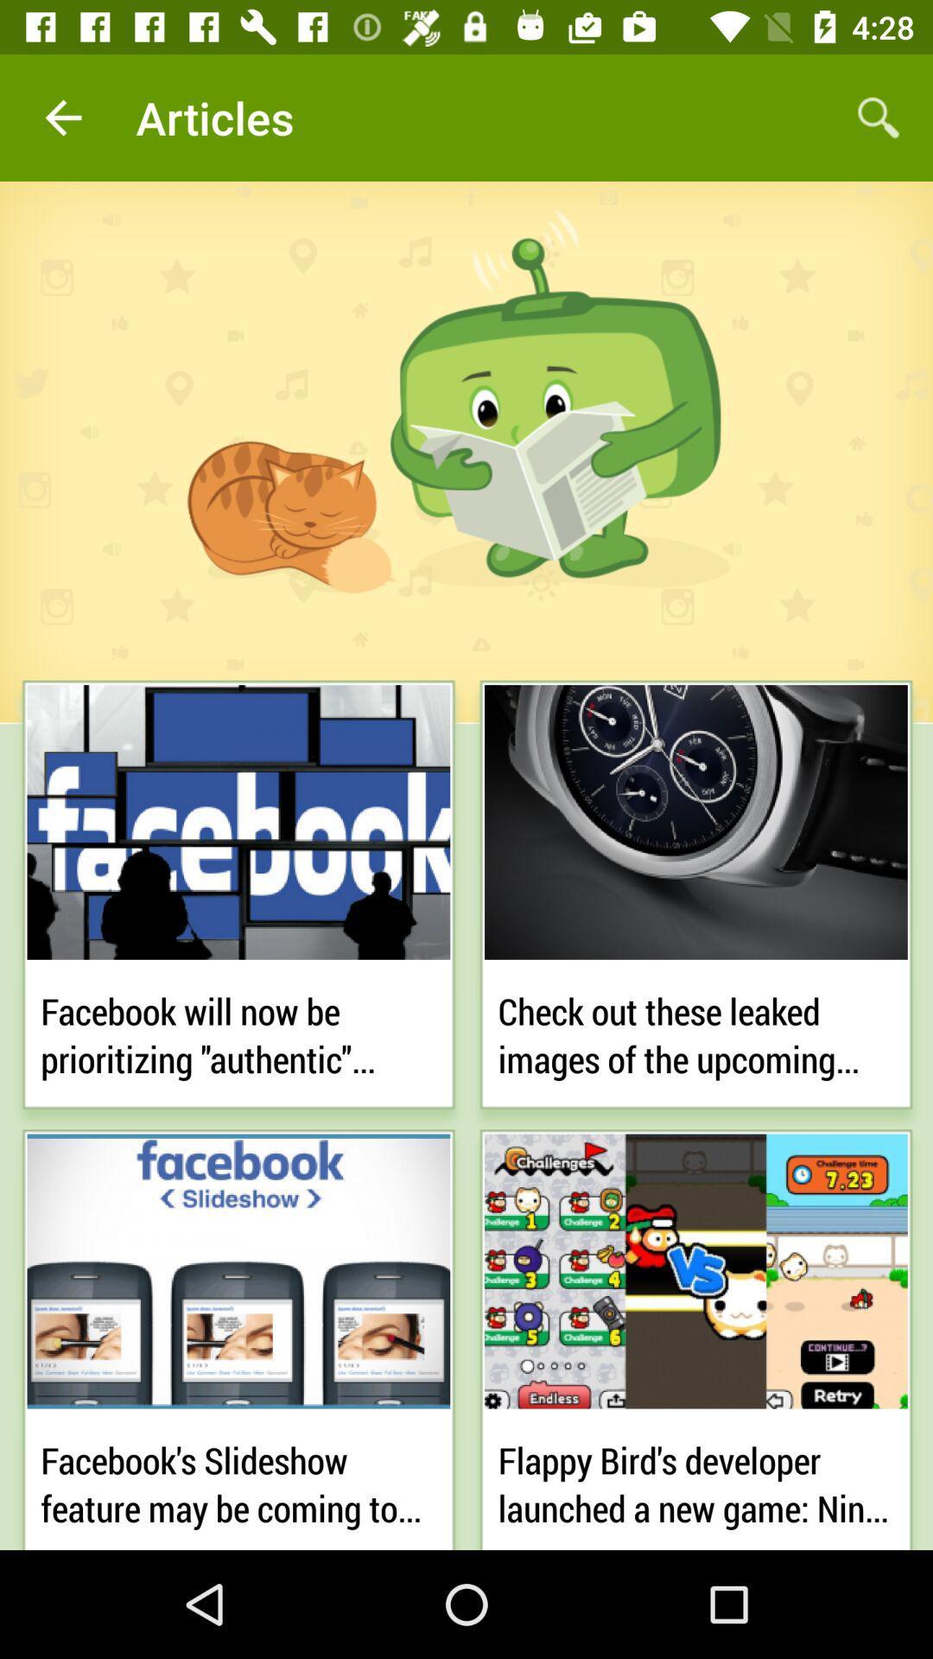 This screenshot has width=933, height=1659. I want to click on flappy bird s item, so click(695, 1478).